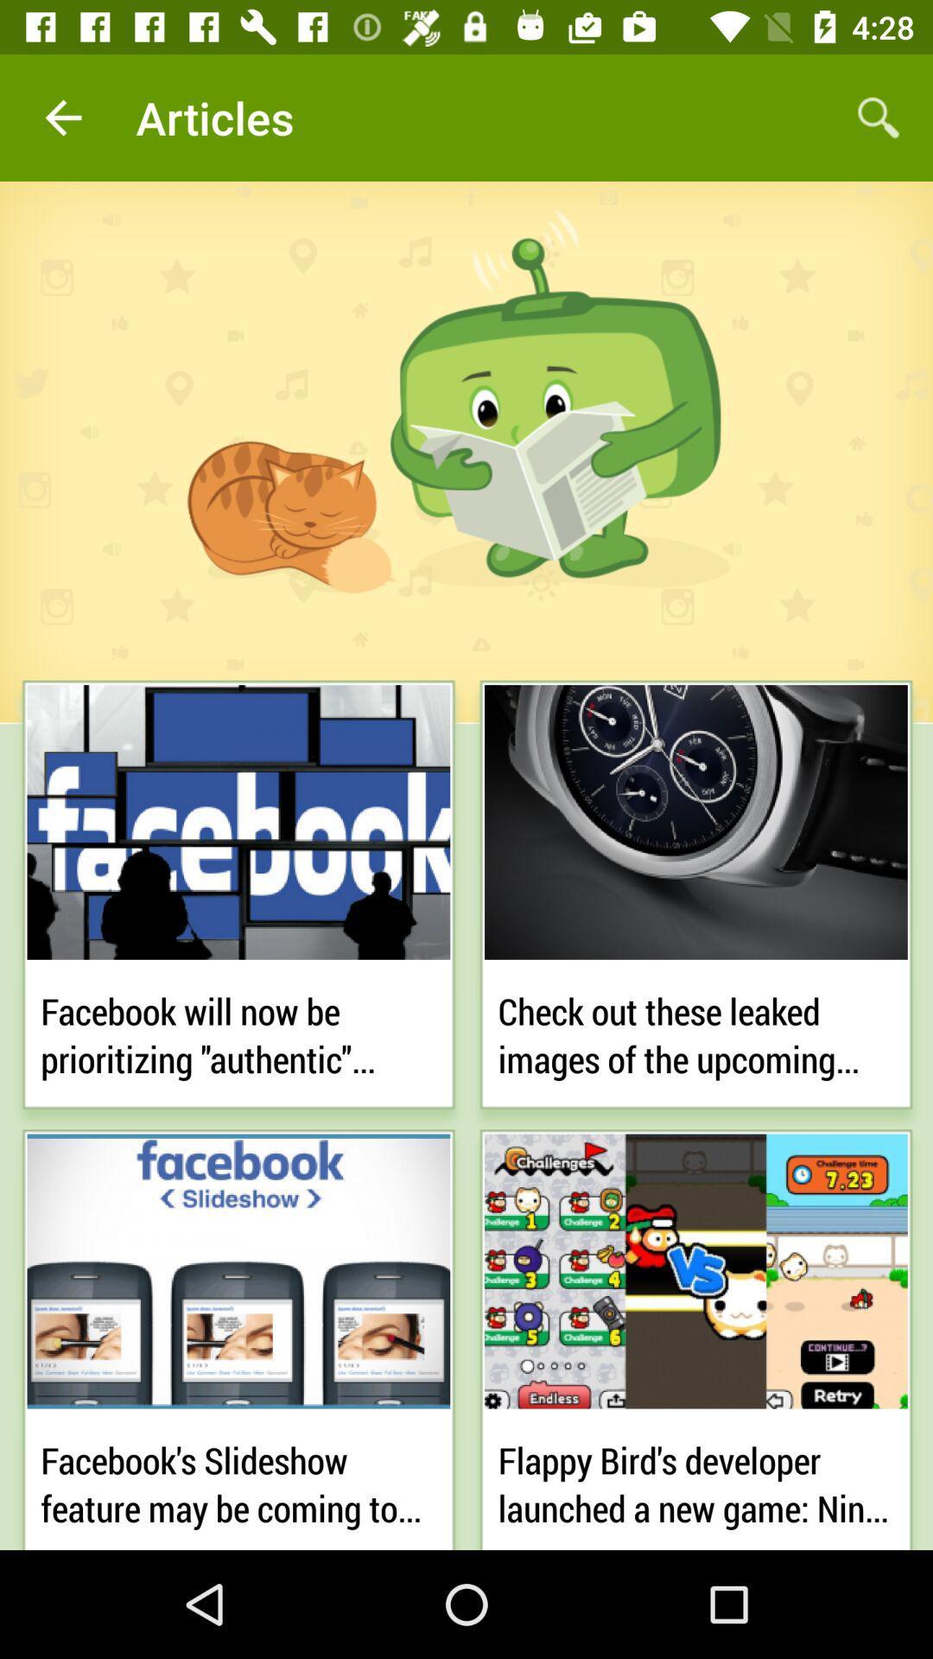 This screenshot has width=933, height=1659. I want to click on flappy bird s item, so click(695, 1478).